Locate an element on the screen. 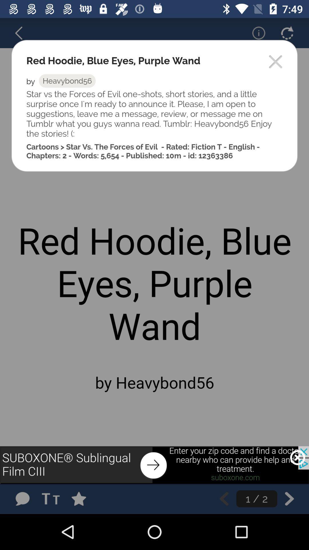  the star icon is located at coordinates (84, 498).